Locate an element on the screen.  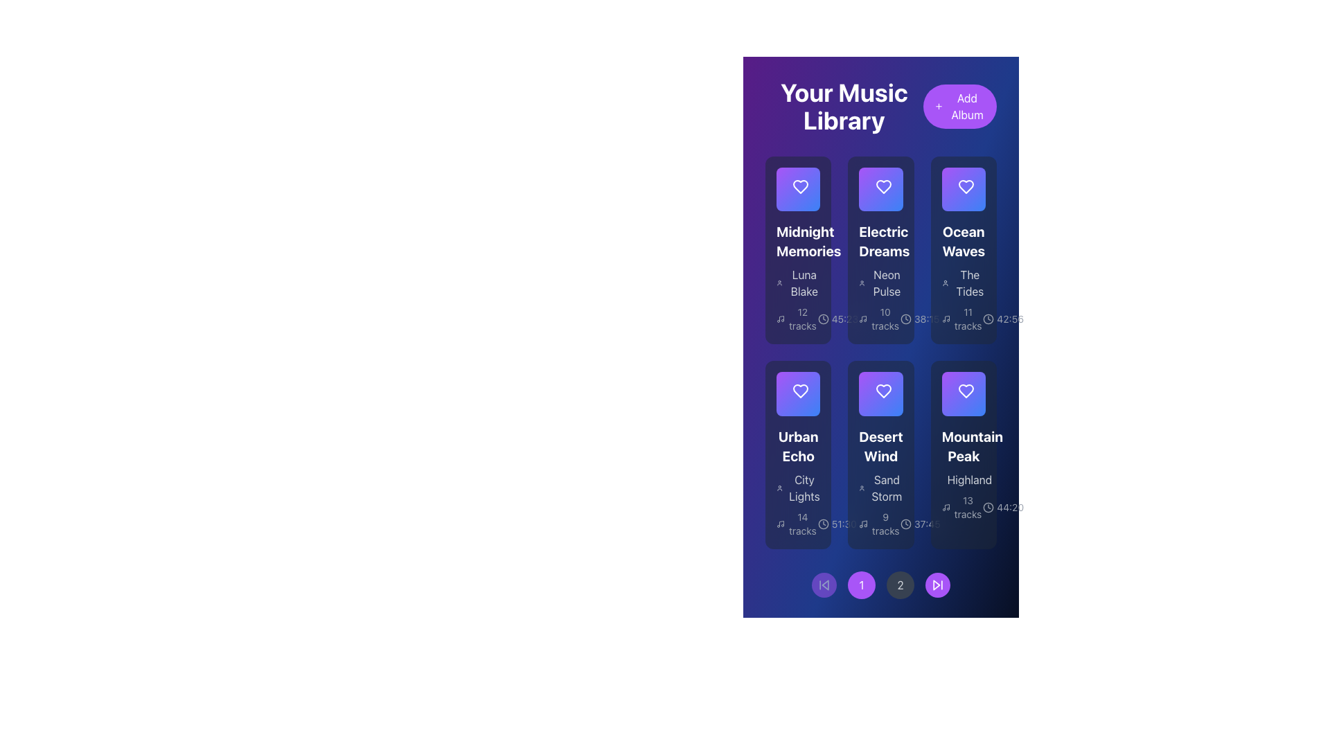
the text element displaying 'Your Music Library' which is styled in a large, bold white font on a gradient background, located at the top-left corner of the user interface is located at coordinates (843, 106).